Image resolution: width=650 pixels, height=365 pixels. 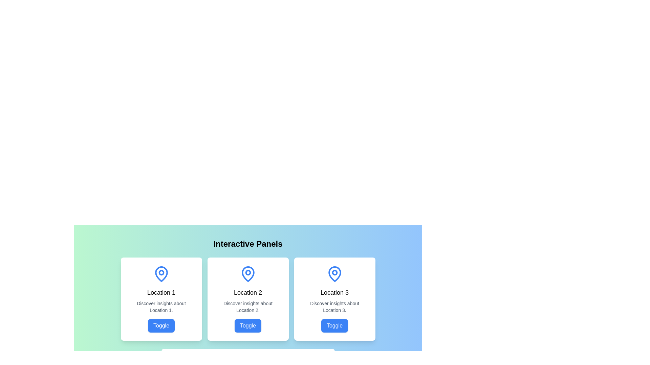 I want to click on the informational text located within the third card from the left, situated below the 'Location 3' heading and above the blue 'Toggle' button, so click(x=334, y=307).